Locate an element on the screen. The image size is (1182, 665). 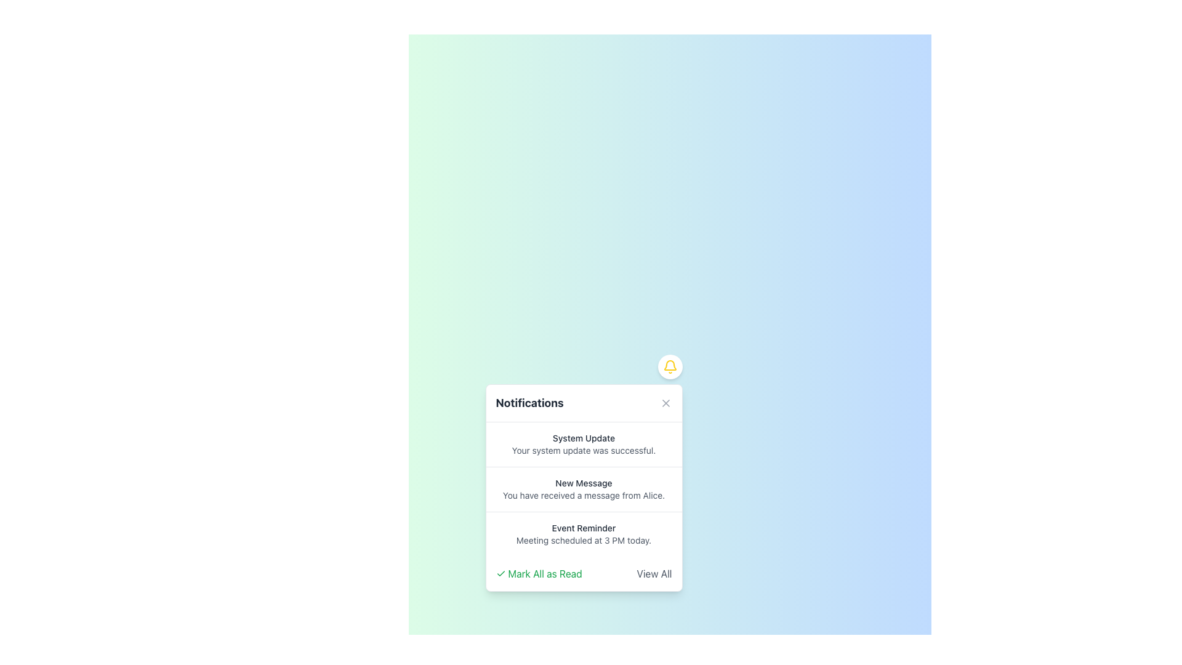
the static text element that informs the user of a new message received from Alice, which is located just below the title 'New Message' in the notification panel is located at coordinates (583, 495).